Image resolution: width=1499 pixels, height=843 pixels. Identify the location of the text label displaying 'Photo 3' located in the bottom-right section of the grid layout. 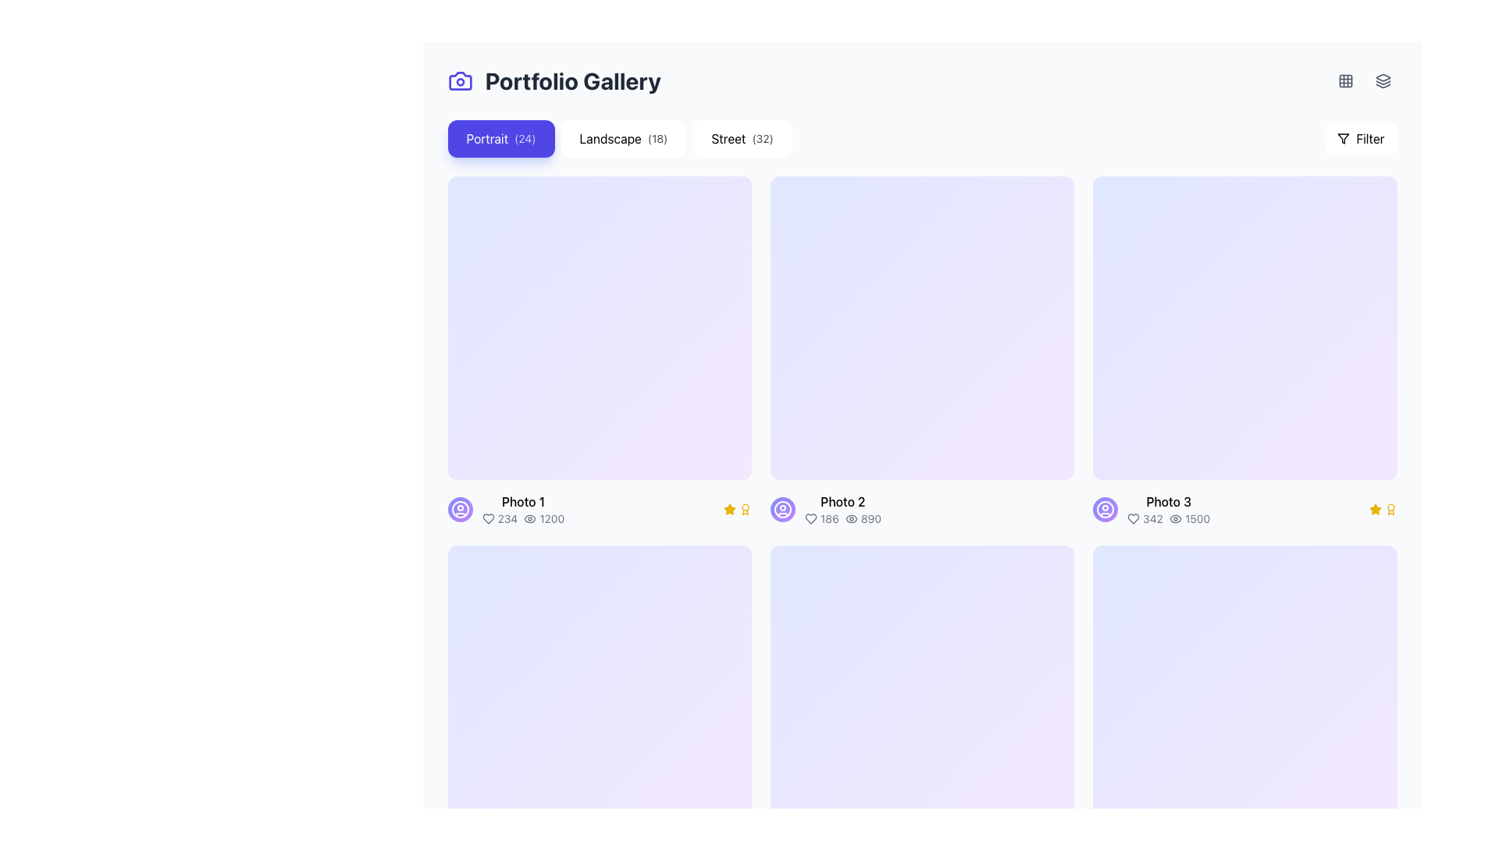
(1169, 509).